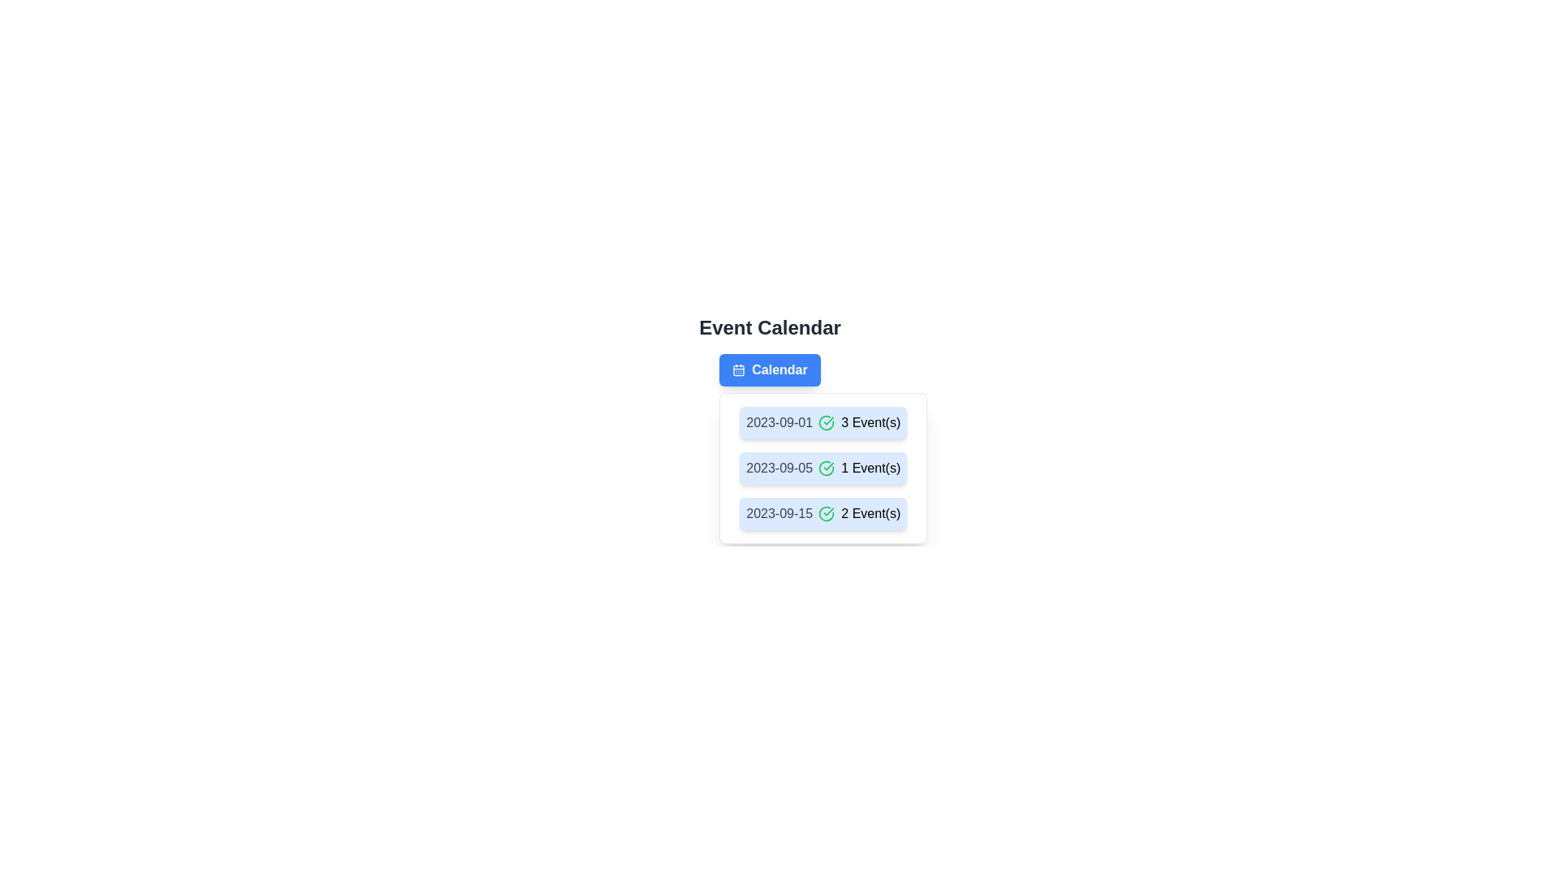 The image size is (1559, 877). Describe the element at coordinates (823, 469) in the screenshot. I see `the dropdown content items that display event dates and counts, which are located below the 'Calendar' button with a light blue background and rounded corners` at that location.